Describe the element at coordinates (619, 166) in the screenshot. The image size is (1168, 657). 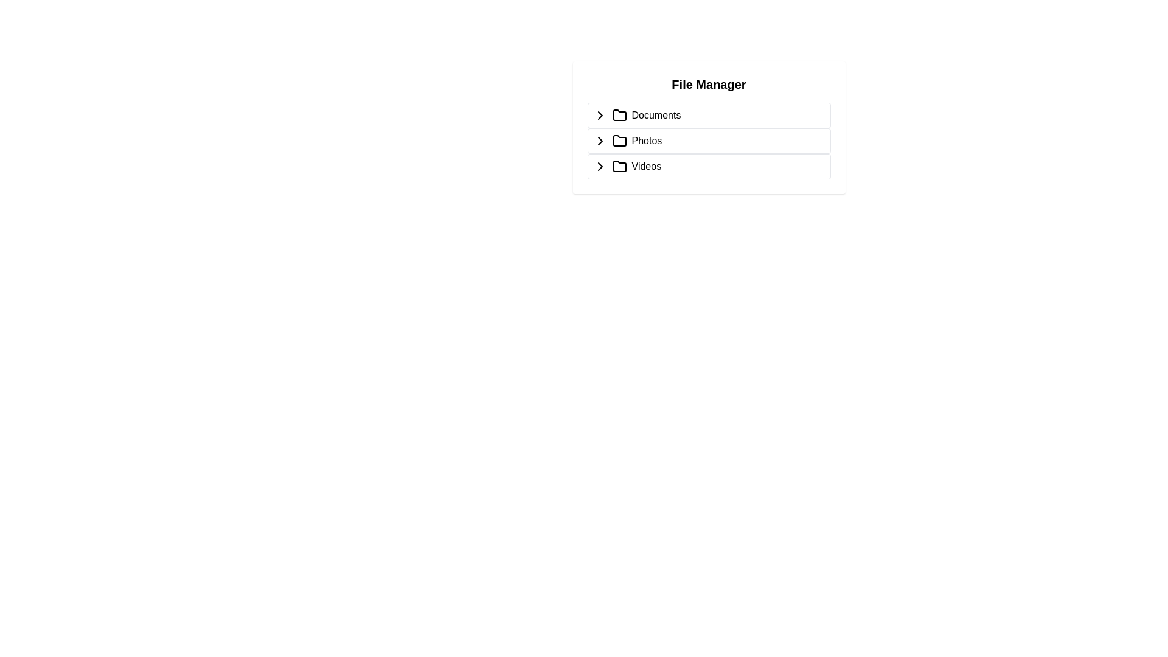
I see `the folder icon located to the left of the 'Videos' label in the third row of the hierarchical navigation list` at that location.